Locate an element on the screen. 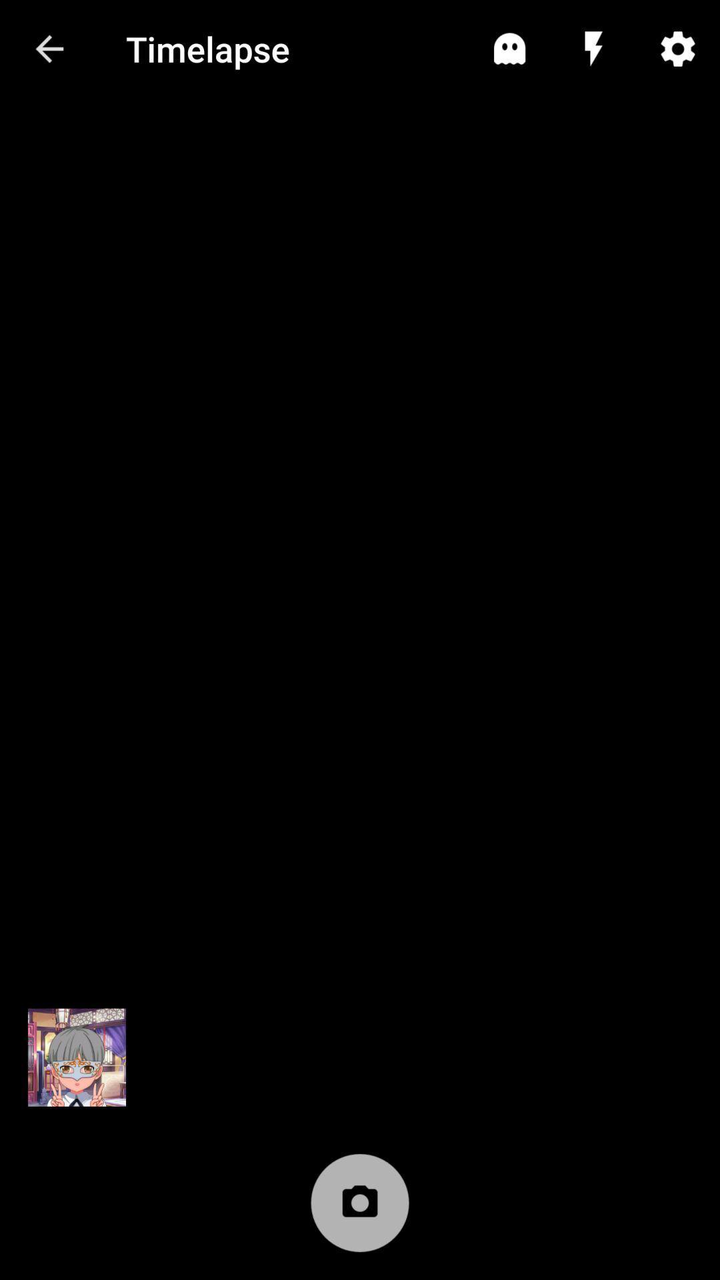  the item below timelapse icon is located at coordinates (360, 1209).